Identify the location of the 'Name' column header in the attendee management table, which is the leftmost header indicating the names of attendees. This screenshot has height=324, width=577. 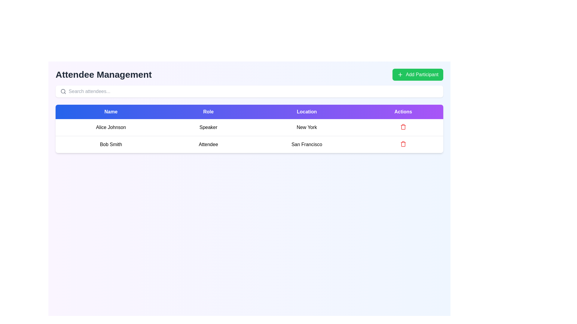
(111, 112).